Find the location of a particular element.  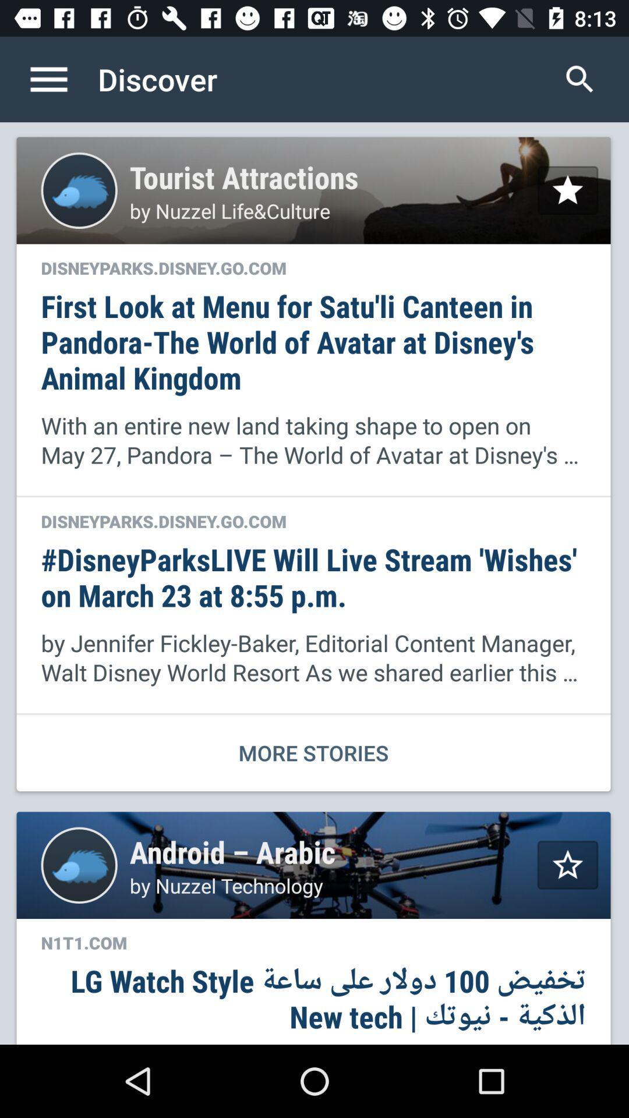

article is located at coordinates (567, 865).